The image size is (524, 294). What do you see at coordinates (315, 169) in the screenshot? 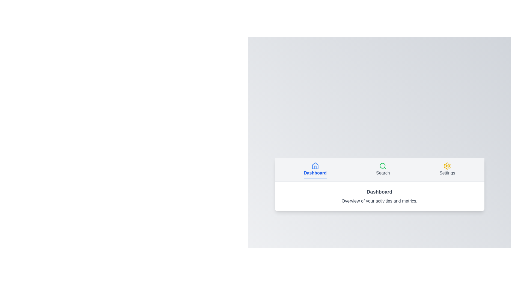
I see `the Dashboard tab by clicking on its button` at bounding box center [315, 169].